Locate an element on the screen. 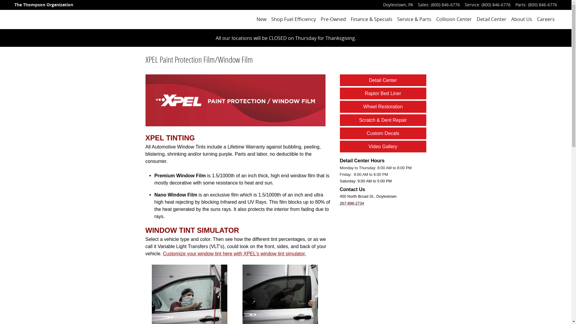  'Detail Center' is located at coordinates (382, 80).